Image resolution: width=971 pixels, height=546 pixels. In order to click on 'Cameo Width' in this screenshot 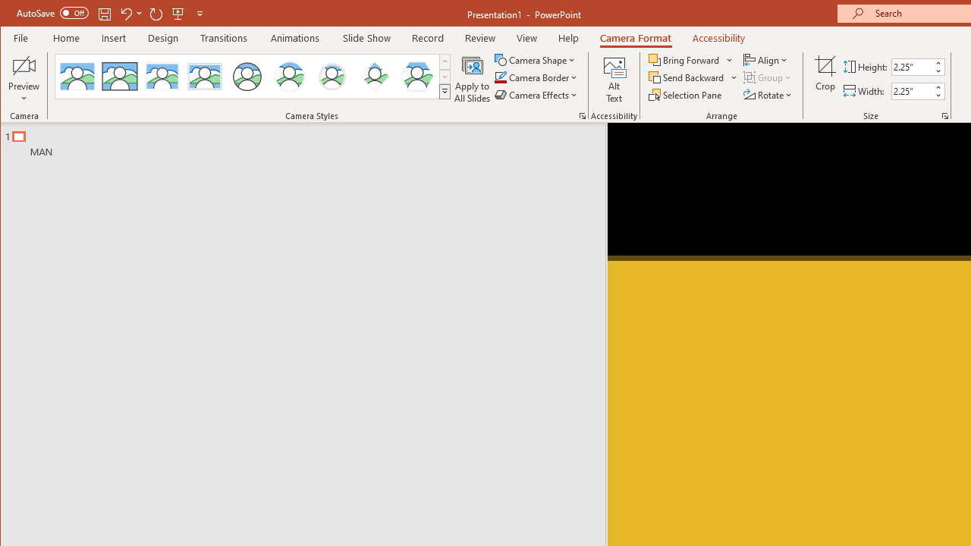, I will do `click(910, 91)`.